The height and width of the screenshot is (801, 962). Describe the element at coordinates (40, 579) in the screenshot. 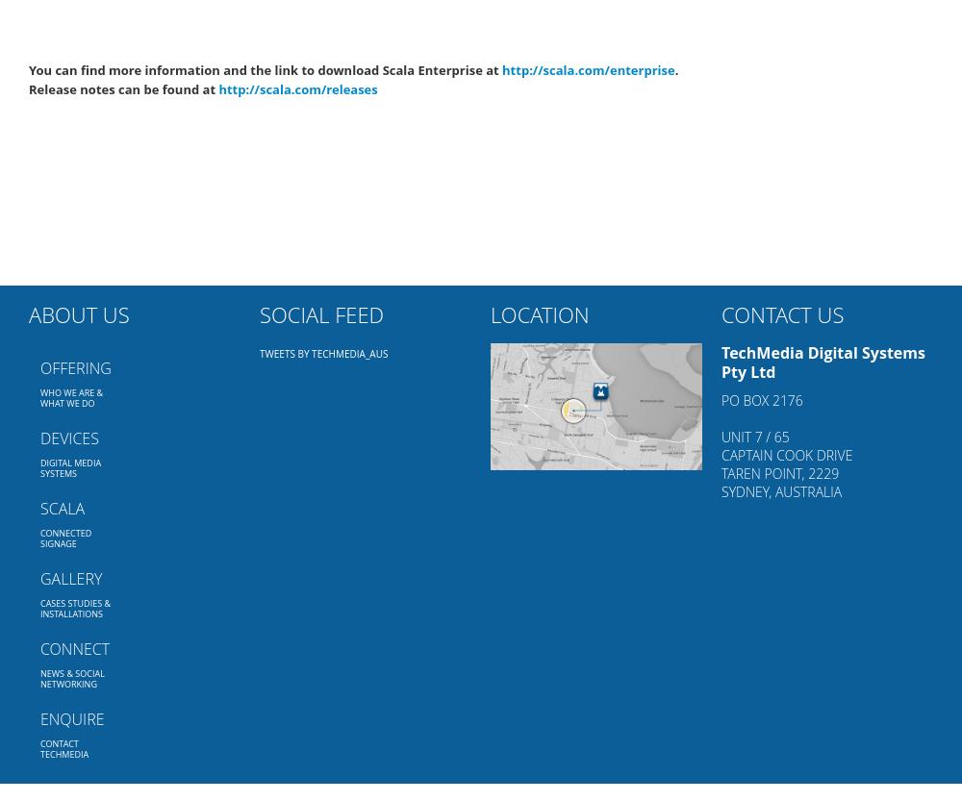

I see `'Gallery'` at that location.